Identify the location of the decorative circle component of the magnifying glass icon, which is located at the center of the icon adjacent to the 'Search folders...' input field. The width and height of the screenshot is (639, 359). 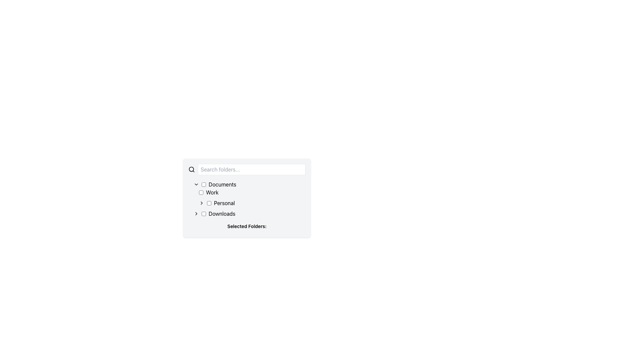
(191, 169).